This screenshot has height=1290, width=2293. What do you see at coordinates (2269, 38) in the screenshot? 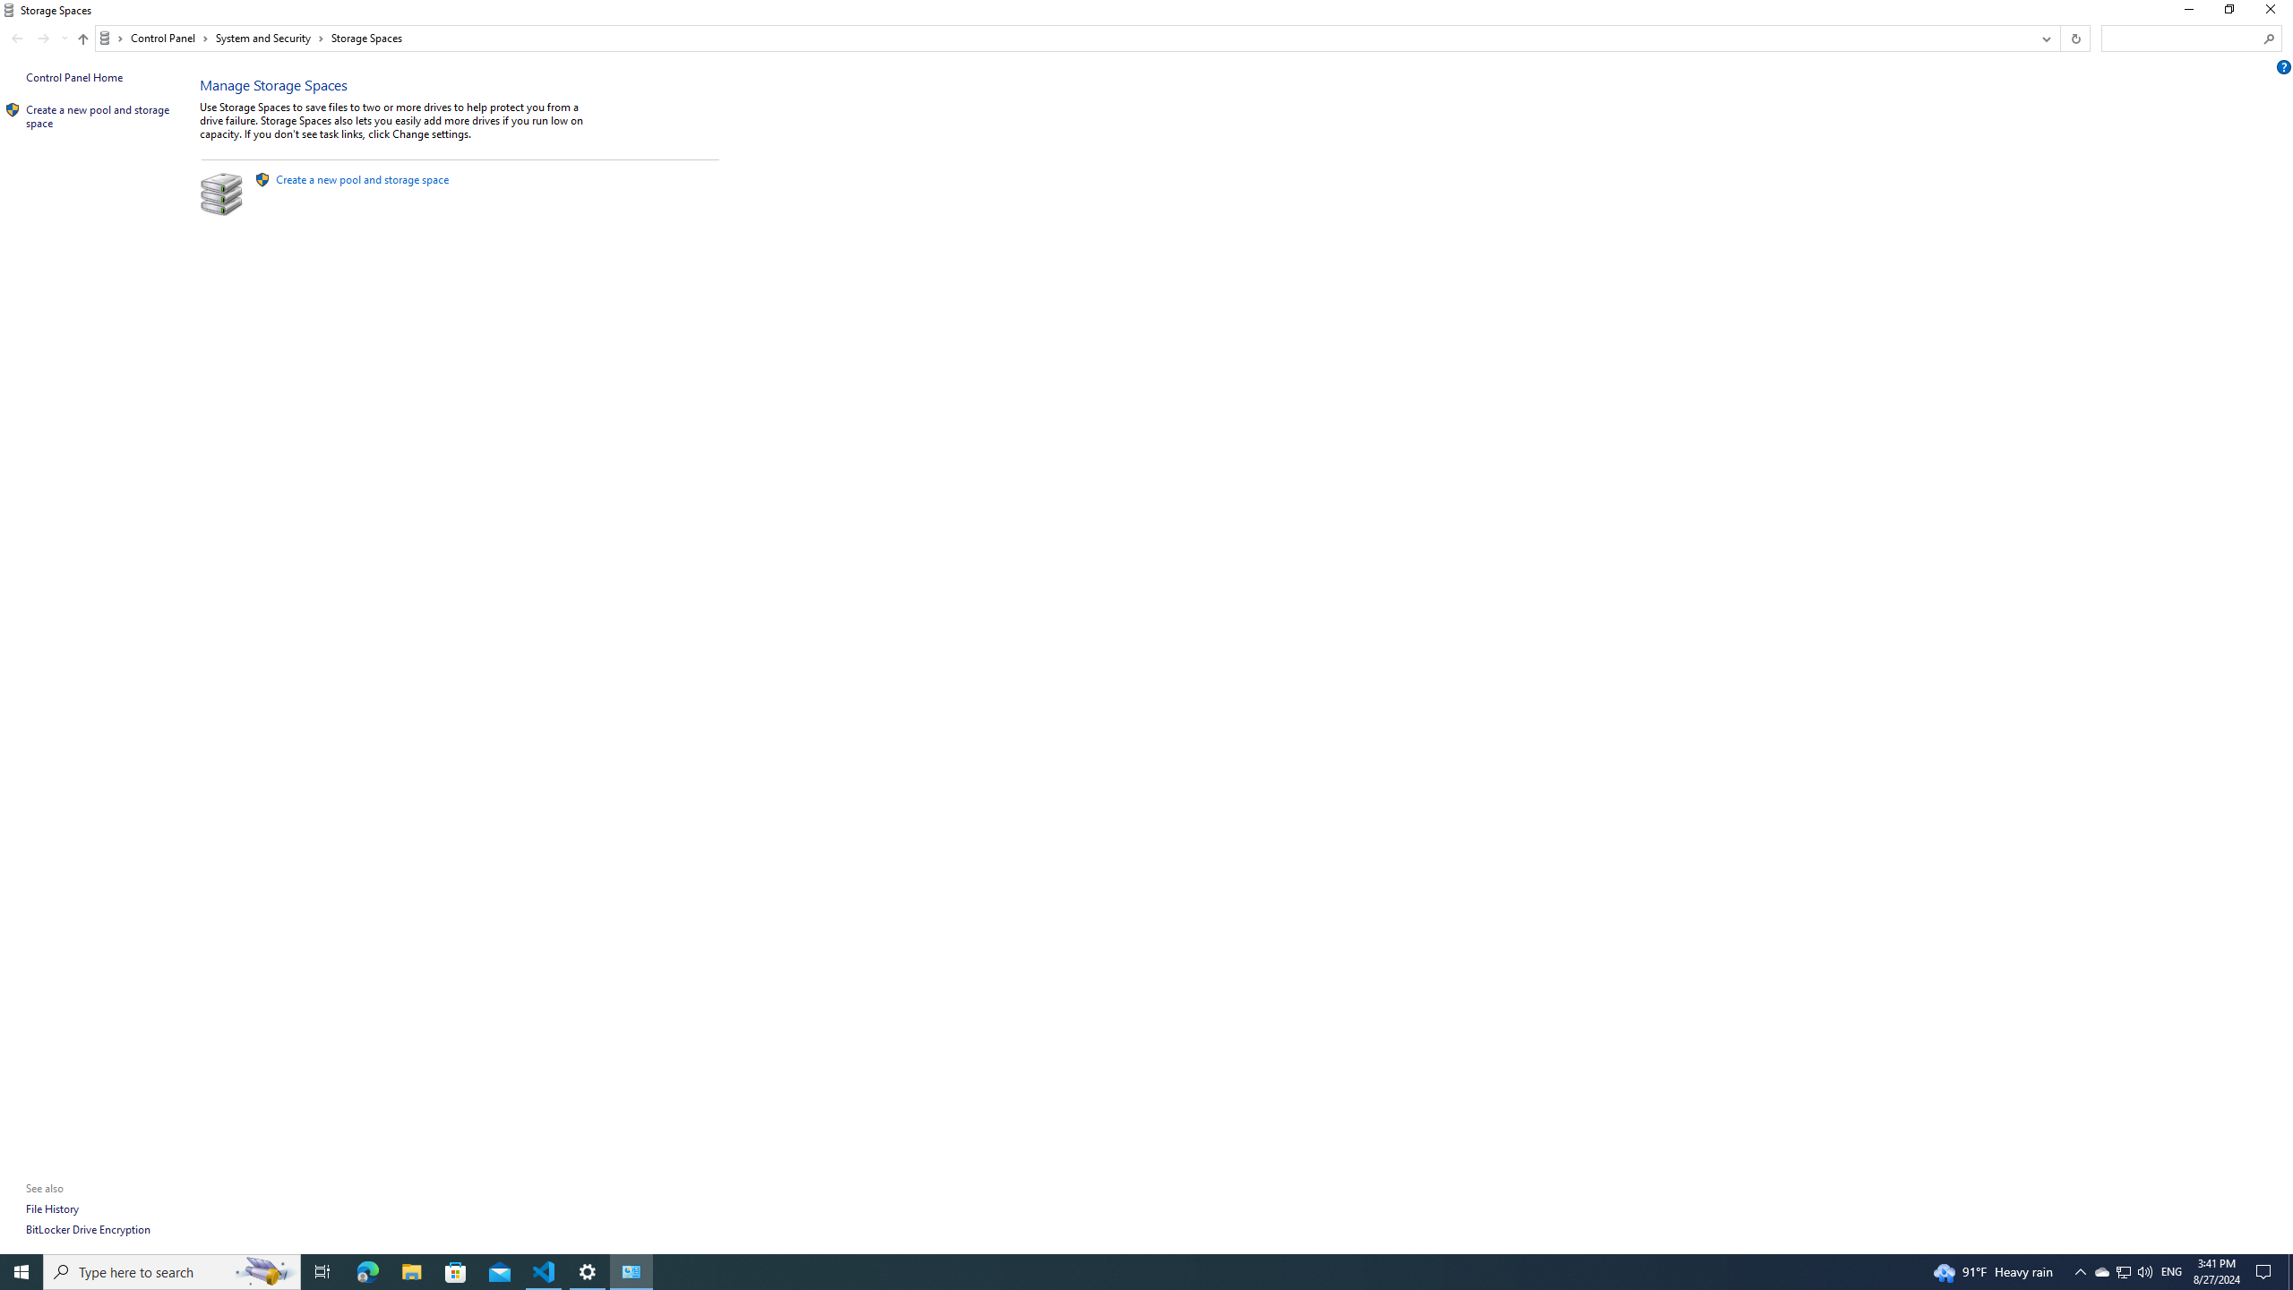
I see `'Search'` at bounding box center [2269, 38].